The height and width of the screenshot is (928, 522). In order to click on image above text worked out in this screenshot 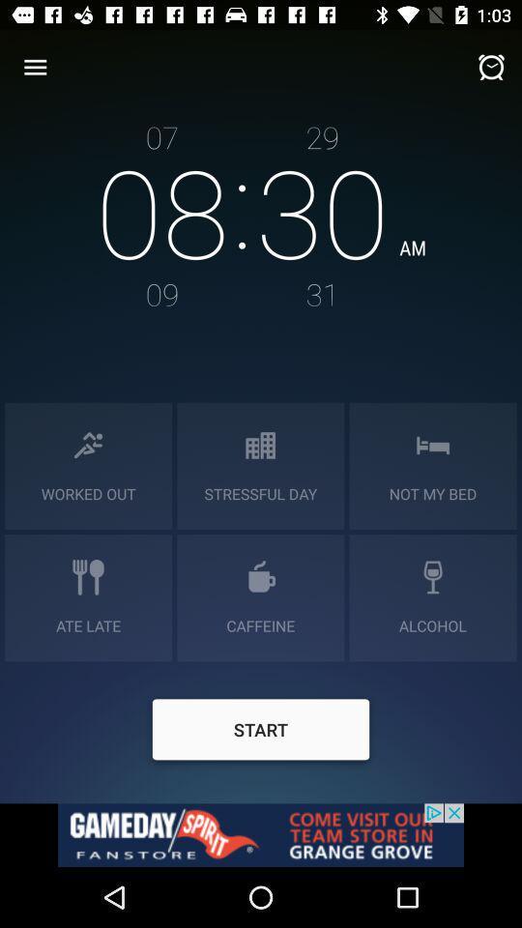, I will do `click(87, 445)`.